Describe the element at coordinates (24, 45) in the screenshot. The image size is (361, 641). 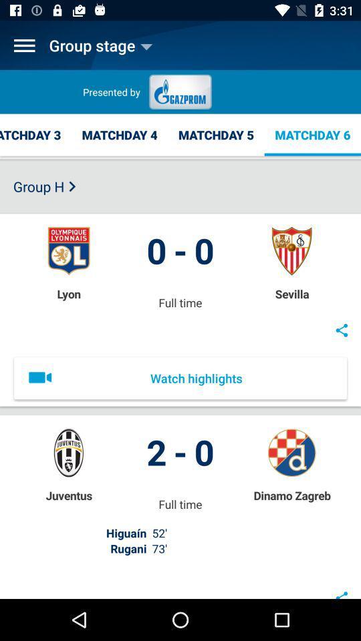
I see `menu options` at that location.